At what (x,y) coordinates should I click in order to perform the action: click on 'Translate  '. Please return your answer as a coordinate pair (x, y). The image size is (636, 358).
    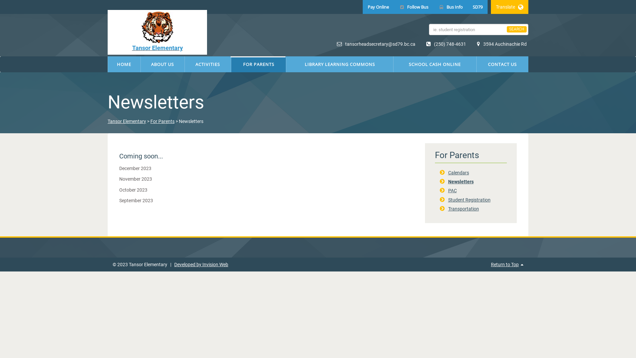
    Looking at the image, I should click on (509, 7).